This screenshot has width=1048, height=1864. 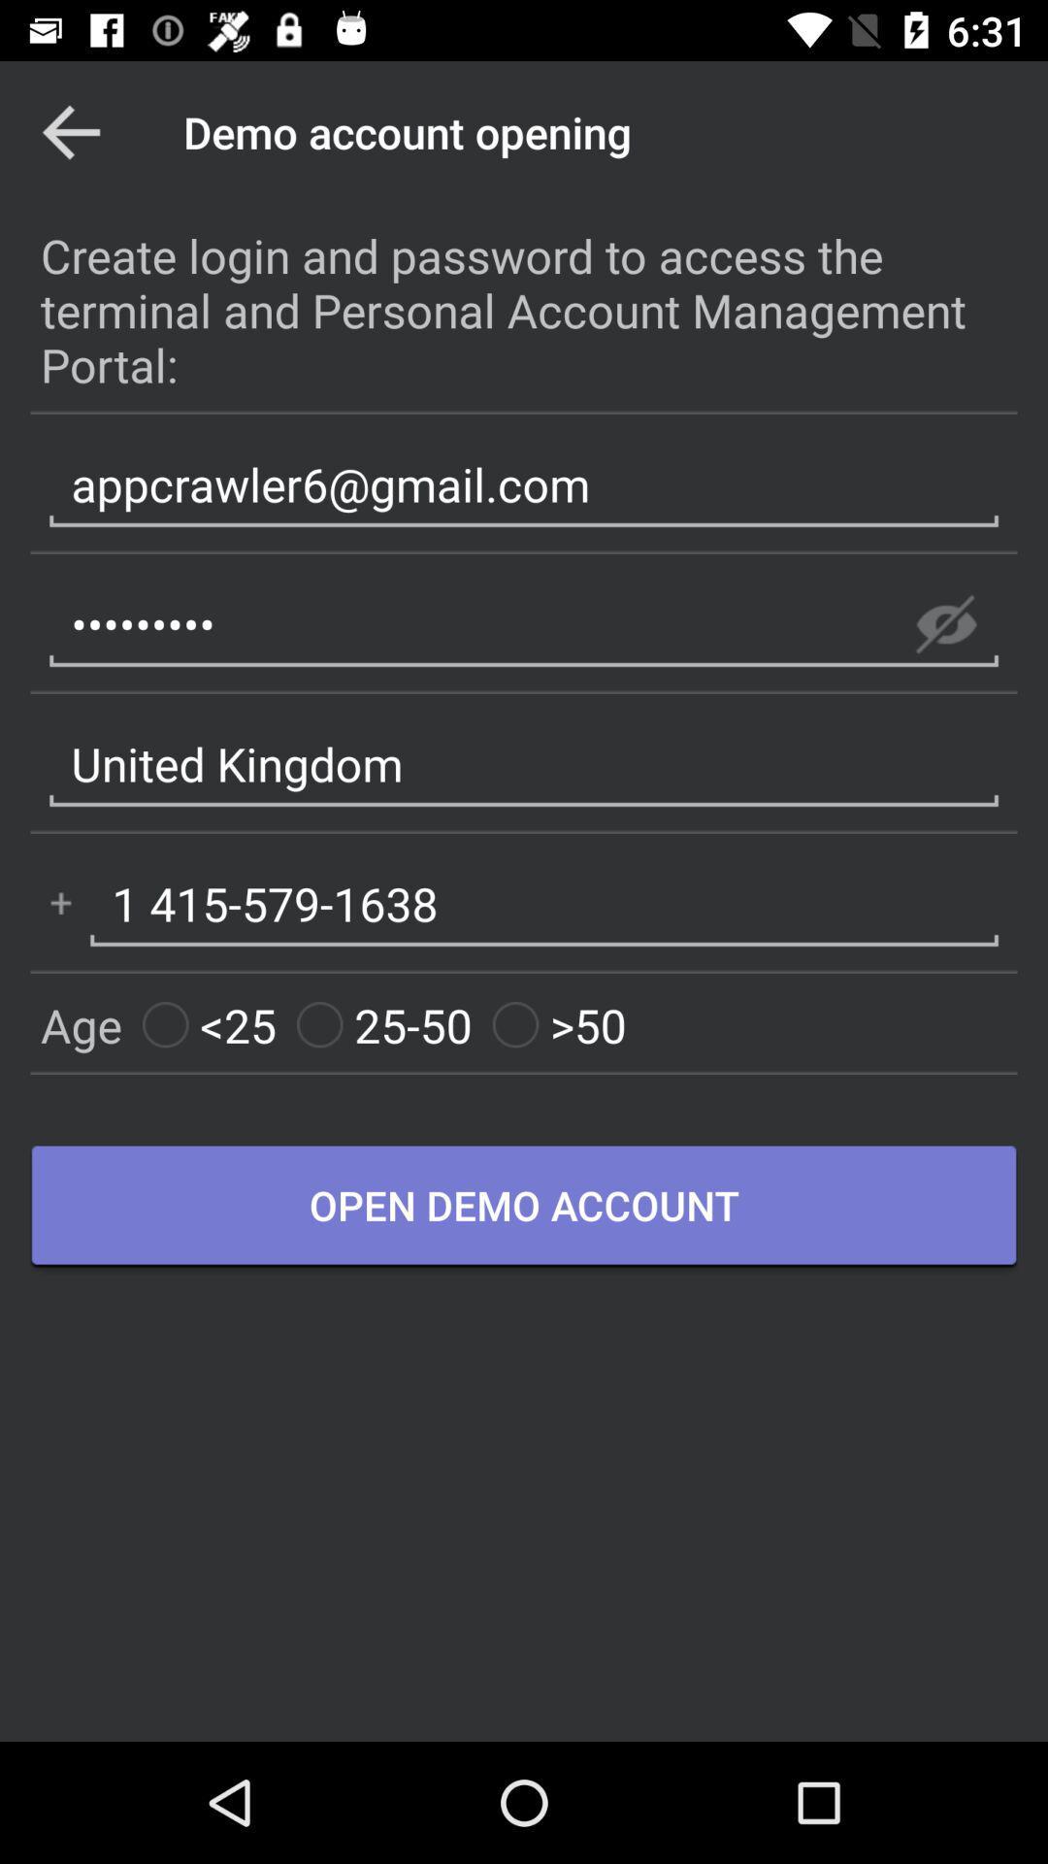 What do you see at coordinates (70, 131) in the screenshot?
I see `icon next to demo account opening app` at bounding box center [70, 131].